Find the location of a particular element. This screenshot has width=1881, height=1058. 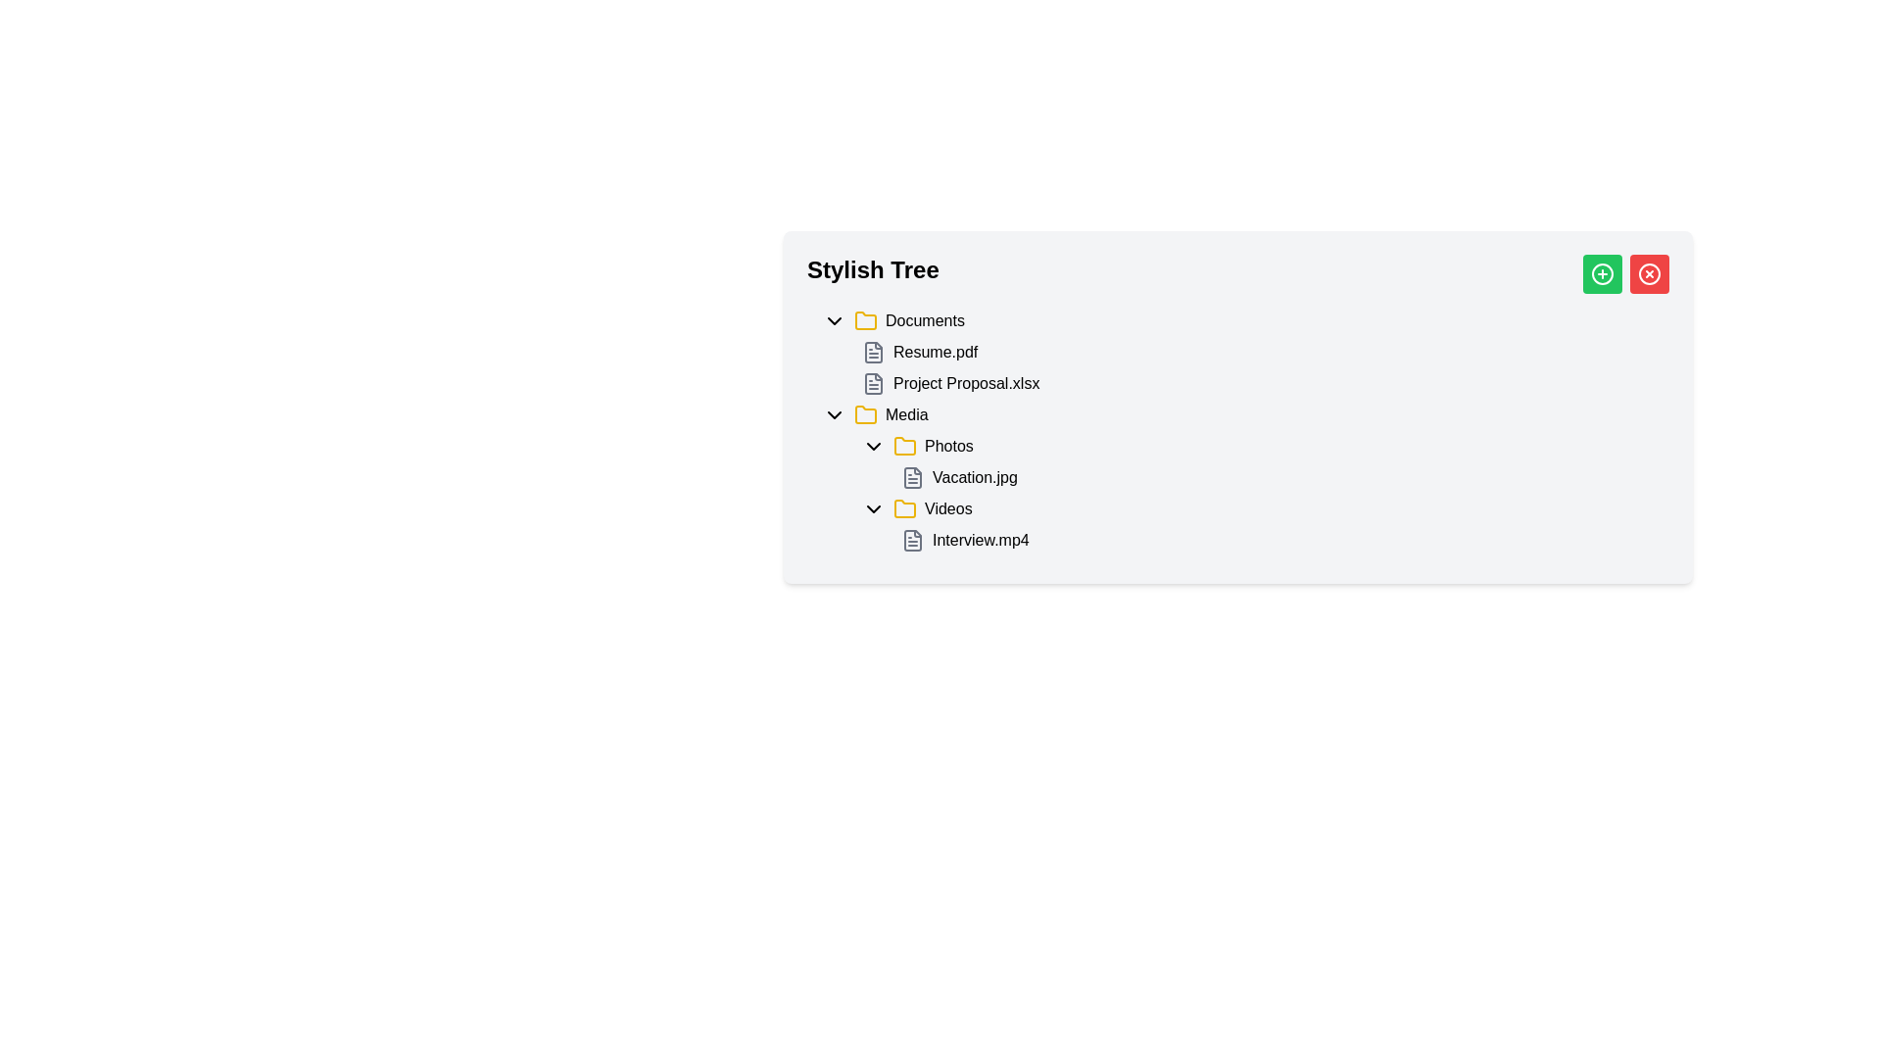

the gray outlined document icon located next to the text 'Resume.pdf' in the expandable tree under the 'Documents' group is located at coordinates (873, 351).